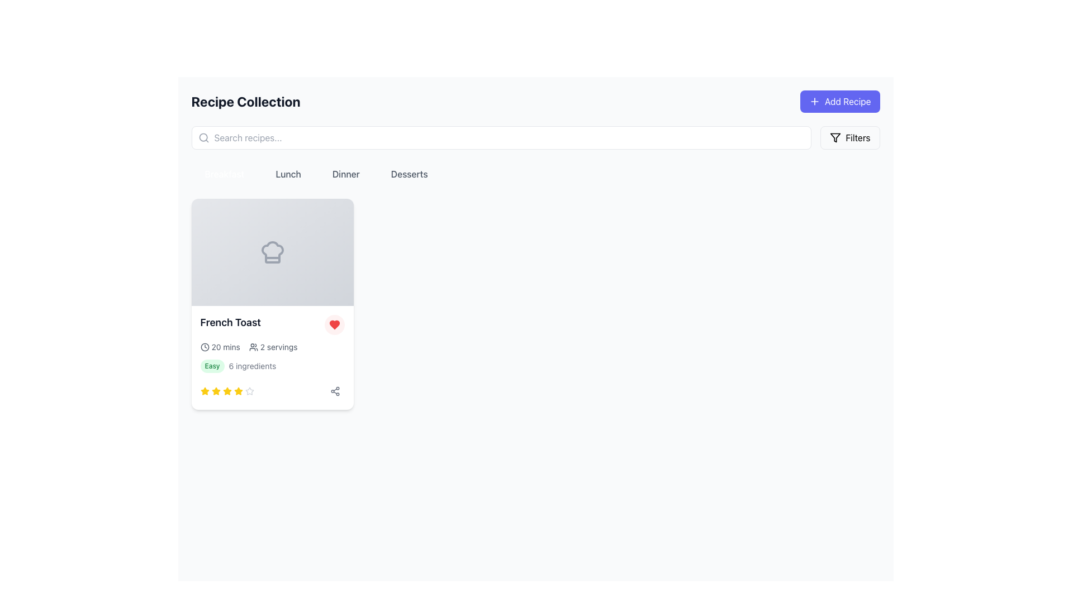  What do you see at coordinates (226, 390) in the screenshot?
I see `the third yellow star icon in the five-star rating component of the 'French Toast' recipe card to rate it` at bounding box center [226, 390].